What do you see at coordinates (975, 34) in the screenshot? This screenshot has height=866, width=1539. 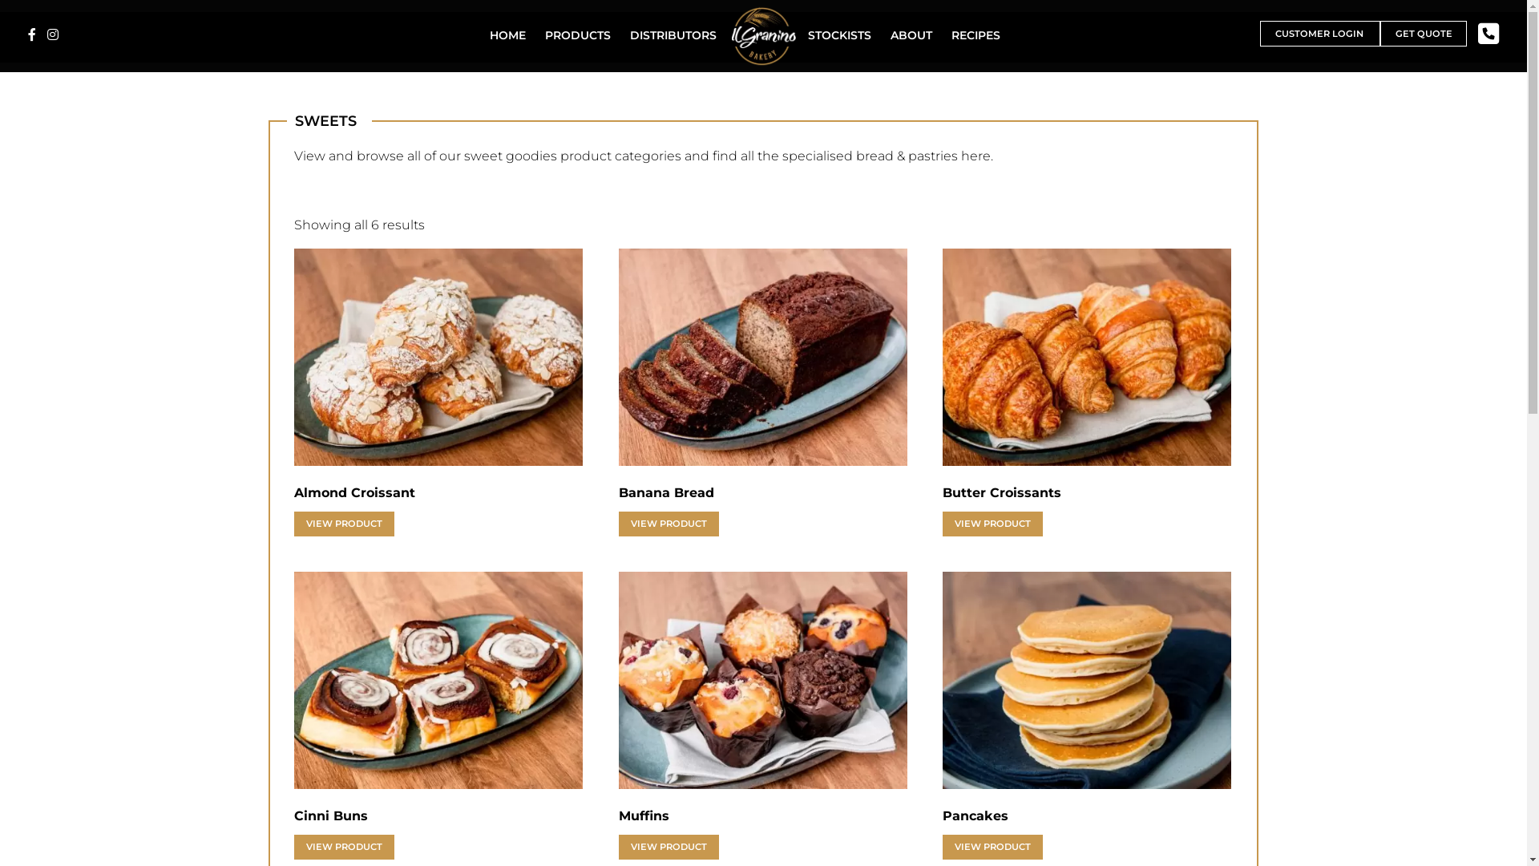 I see `'RECIPES'` at bounding box center [975, 34].